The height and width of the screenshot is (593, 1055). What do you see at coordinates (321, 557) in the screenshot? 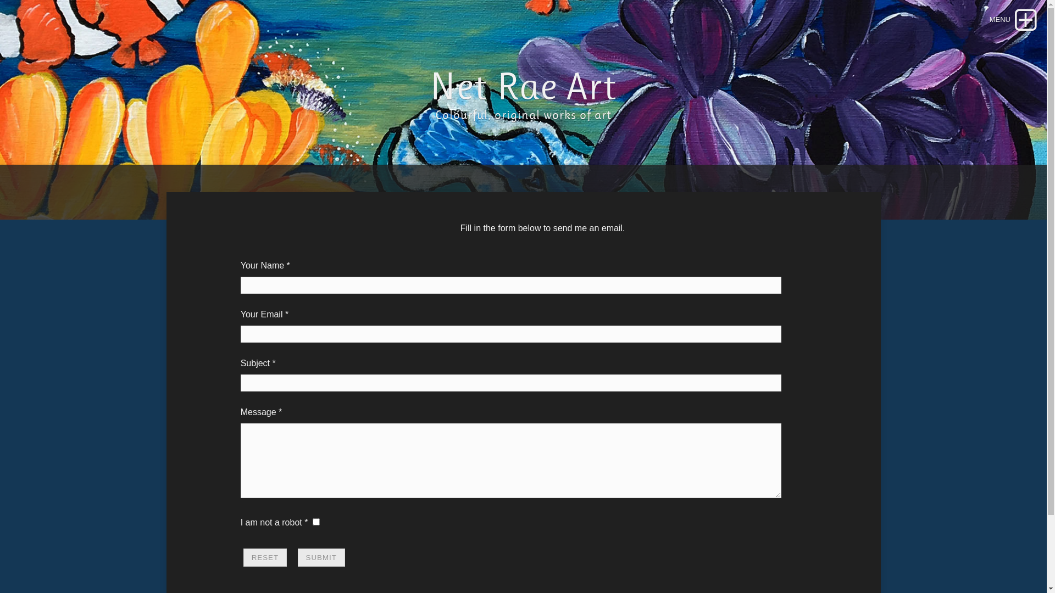
I see `'Submit'` at bounding box center [321, 557].